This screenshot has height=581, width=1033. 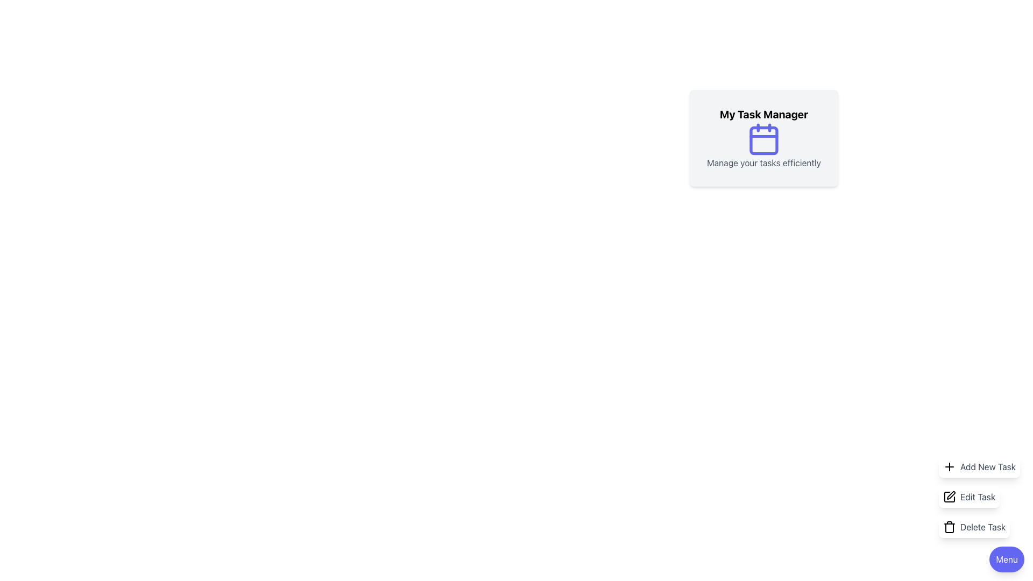 What do you see at coordinates (988, 466) in the screenshot?
I see `text label displaying 'Add New Task' which is styled in gray and positioned next to the plus sign icon in the bottom-right corner of the menu interface` at bounding box center [988, 466].